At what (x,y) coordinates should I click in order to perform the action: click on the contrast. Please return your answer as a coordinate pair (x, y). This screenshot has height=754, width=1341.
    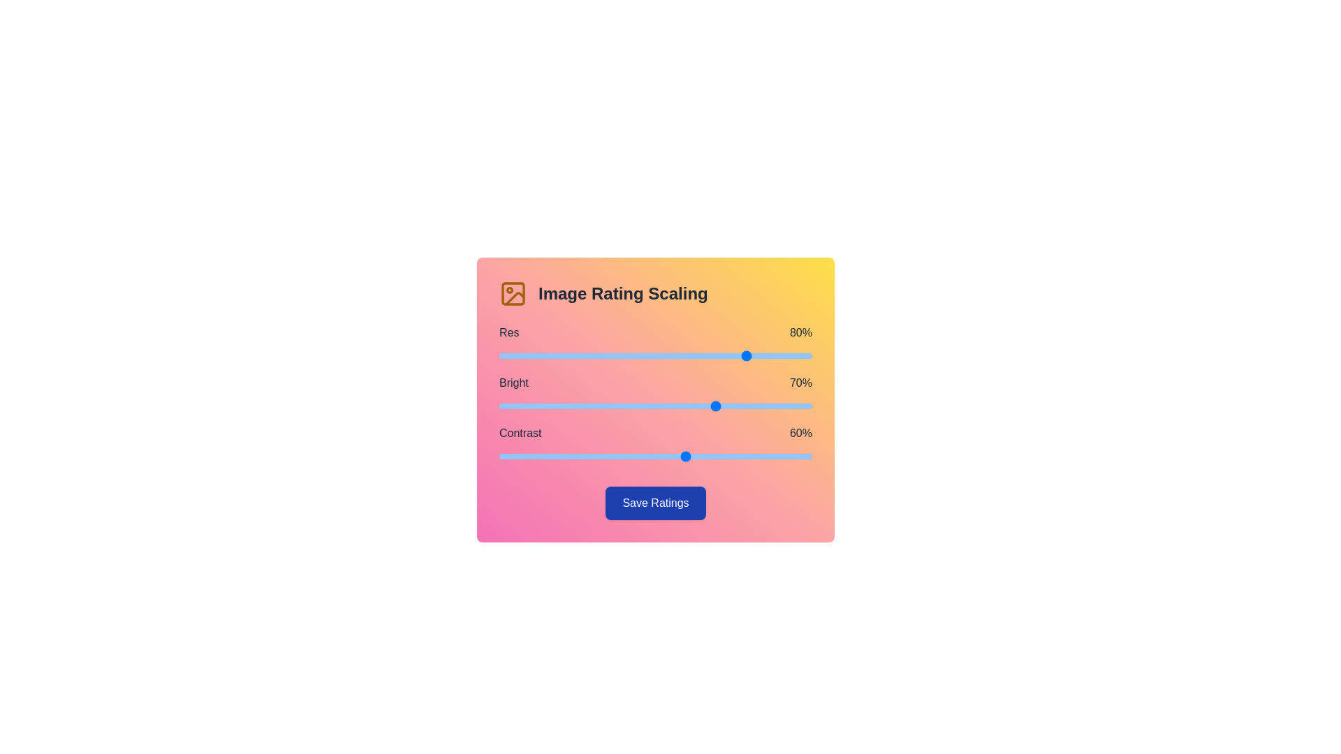
    Looking at the image, I should click on (745, 457).